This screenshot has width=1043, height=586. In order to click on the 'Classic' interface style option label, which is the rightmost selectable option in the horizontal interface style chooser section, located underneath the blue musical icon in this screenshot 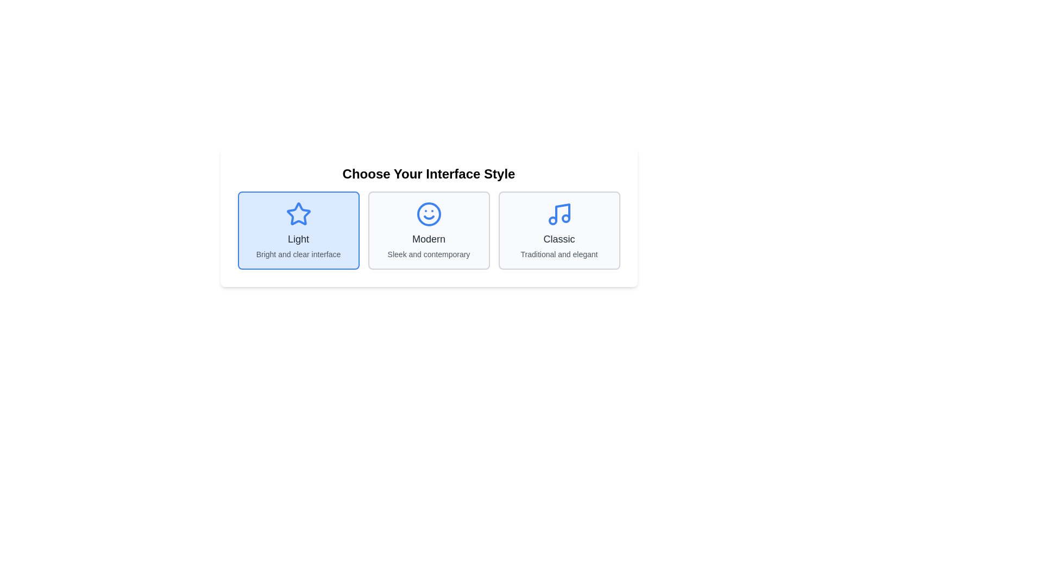, I will do `click(559, 230)`.